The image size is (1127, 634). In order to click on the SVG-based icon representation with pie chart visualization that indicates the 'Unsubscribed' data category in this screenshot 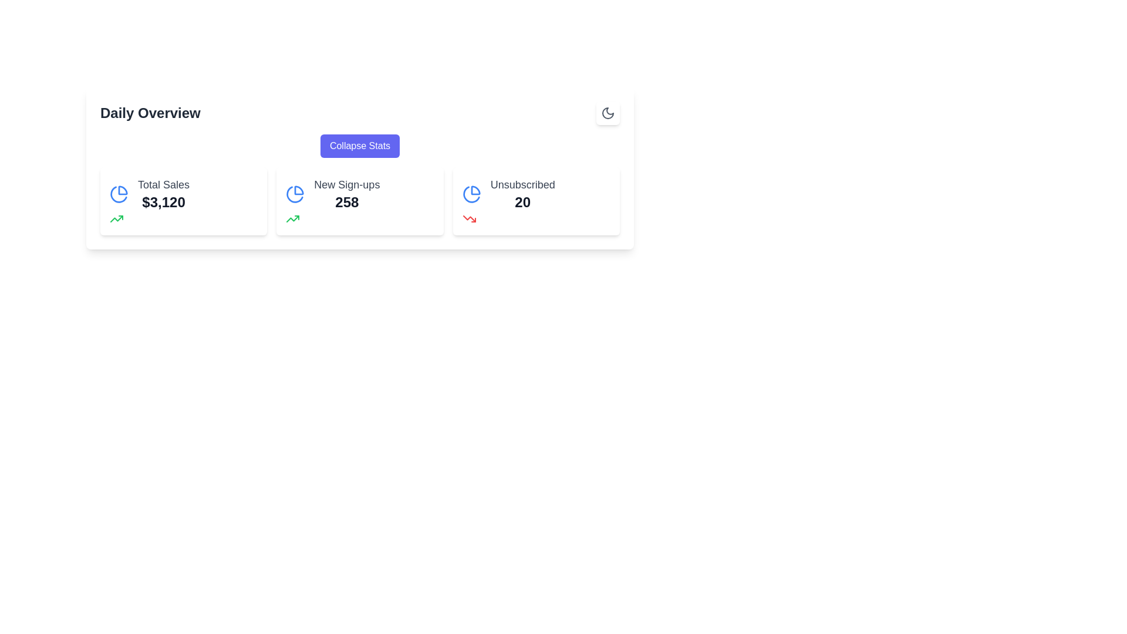, I will do `click(471, 194)`.